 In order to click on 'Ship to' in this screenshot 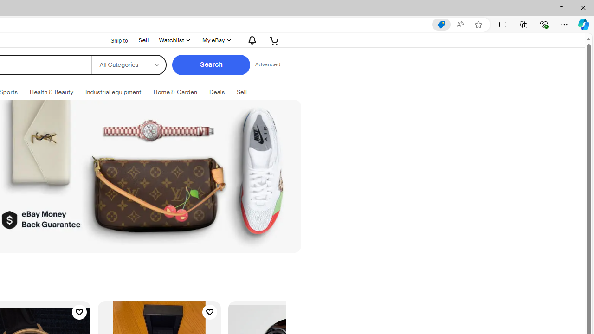, I will do `click(113, 40)`.